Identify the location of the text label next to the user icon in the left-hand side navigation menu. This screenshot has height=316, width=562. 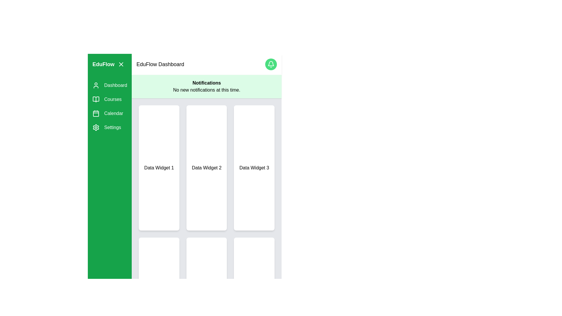
(115, 85).